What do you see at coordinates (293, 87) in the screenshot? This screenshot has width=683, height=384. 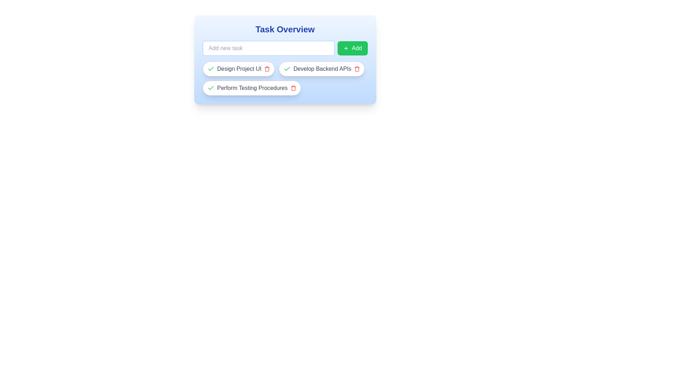 I see `the trash icon next to the task labeled Perform Testing Procedures to remove it` at bounding box center [293, 87].